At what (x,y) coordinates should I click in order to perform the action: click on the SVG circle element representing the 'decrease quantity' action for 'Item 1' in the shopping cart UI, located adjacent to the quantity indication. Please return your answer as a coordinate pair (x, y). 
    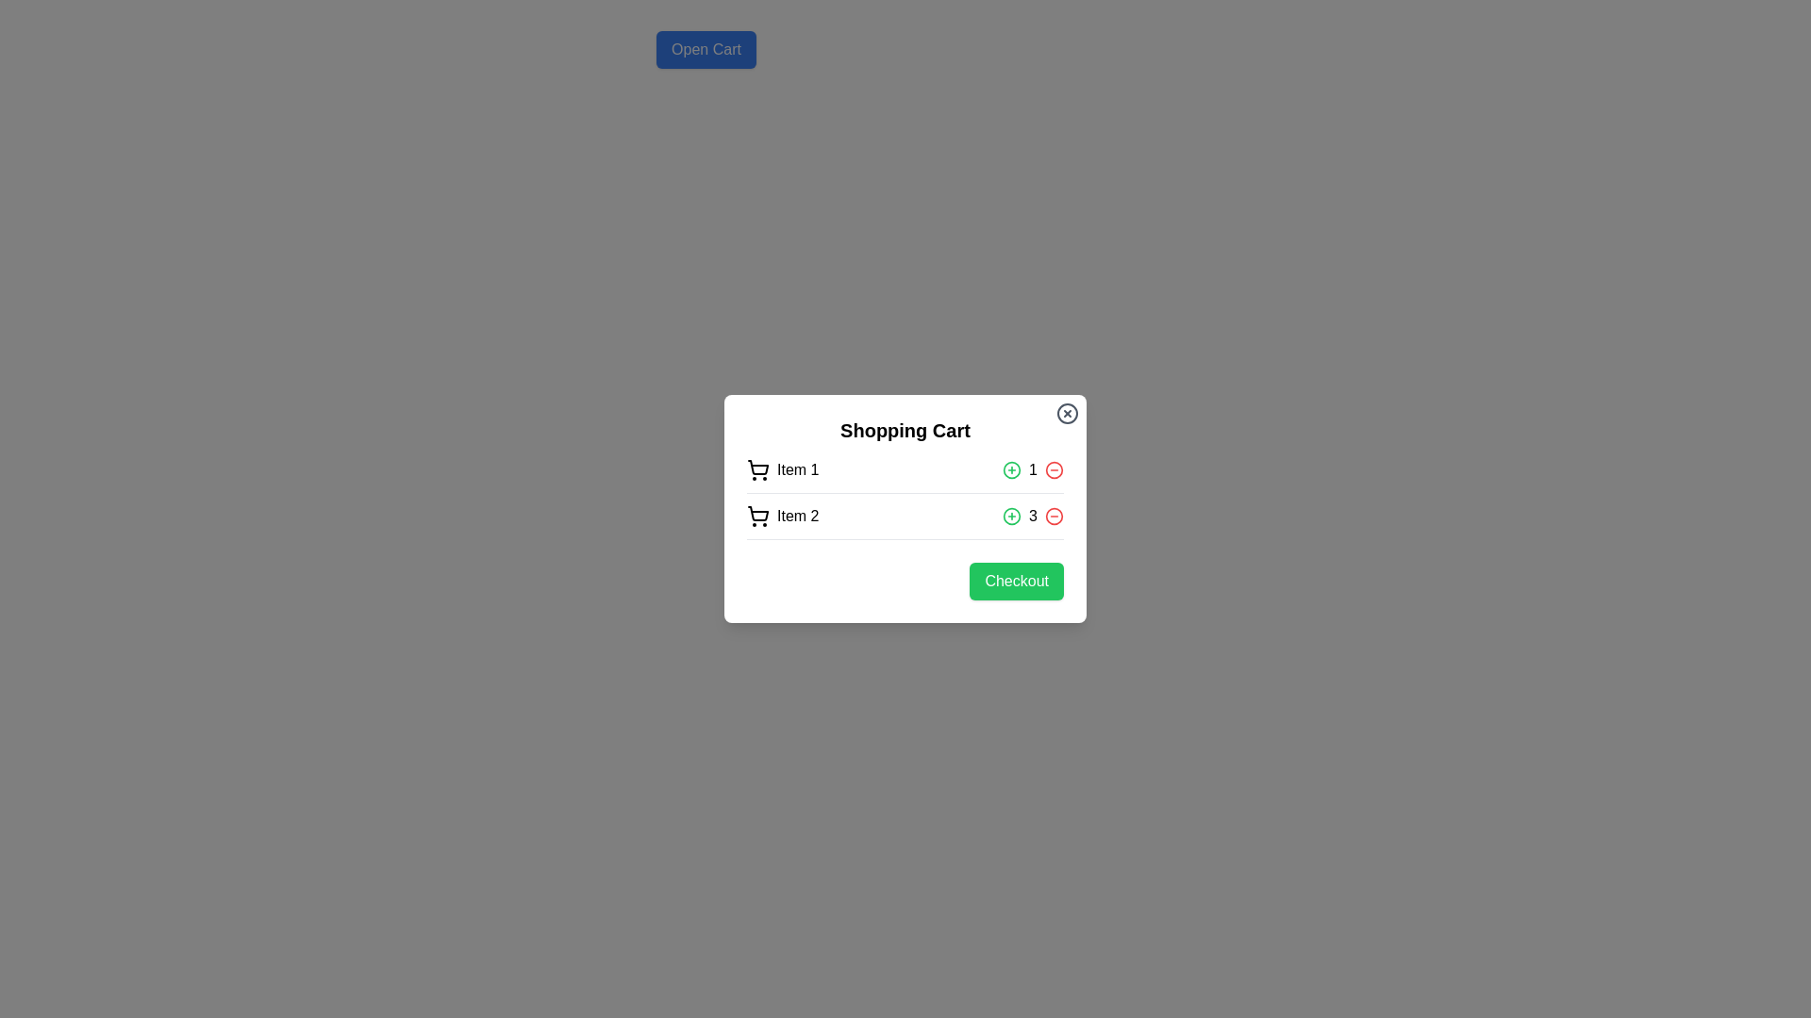
    Looking at the image, I should click on (1054, 468).